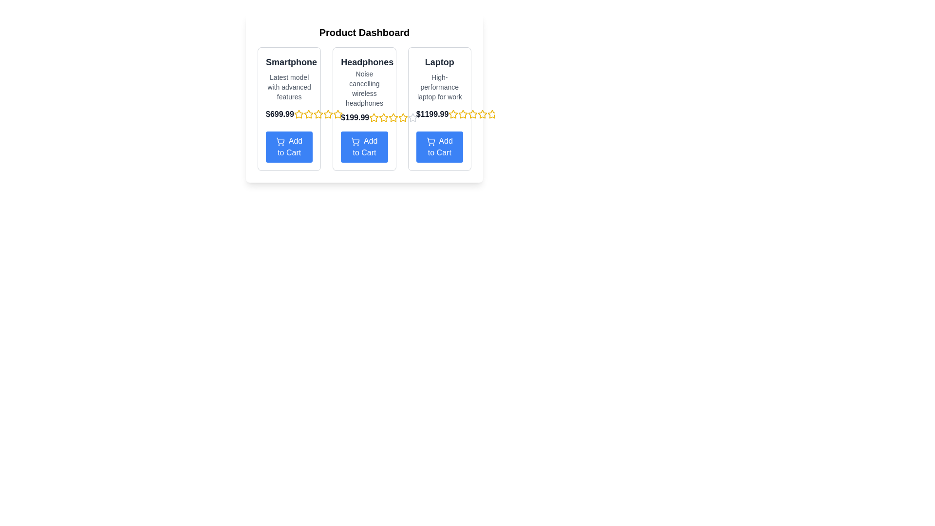 The image size is (935, 526). Describe the element at coordinates (337, 114) in the screenshot. I see `the eighth star icon in the rating system for the 'Headphones' product to change the rating` at that location.